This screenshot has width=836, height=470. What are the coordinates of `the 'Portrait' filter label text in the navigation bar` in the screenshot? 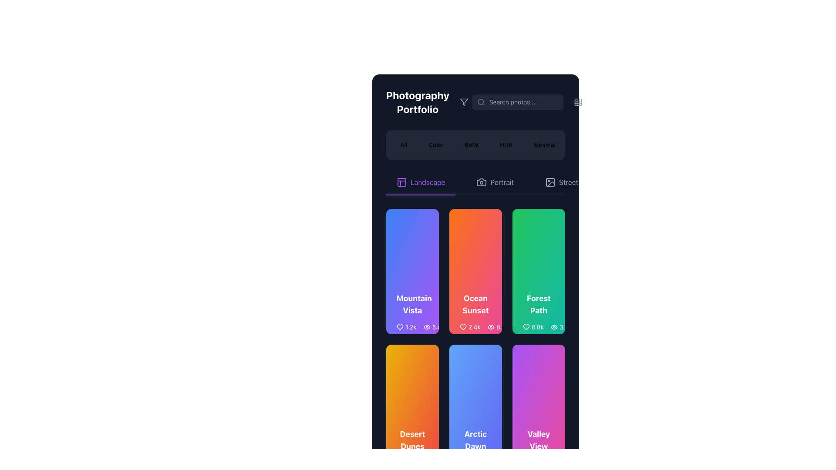 It's located at (502, 182).